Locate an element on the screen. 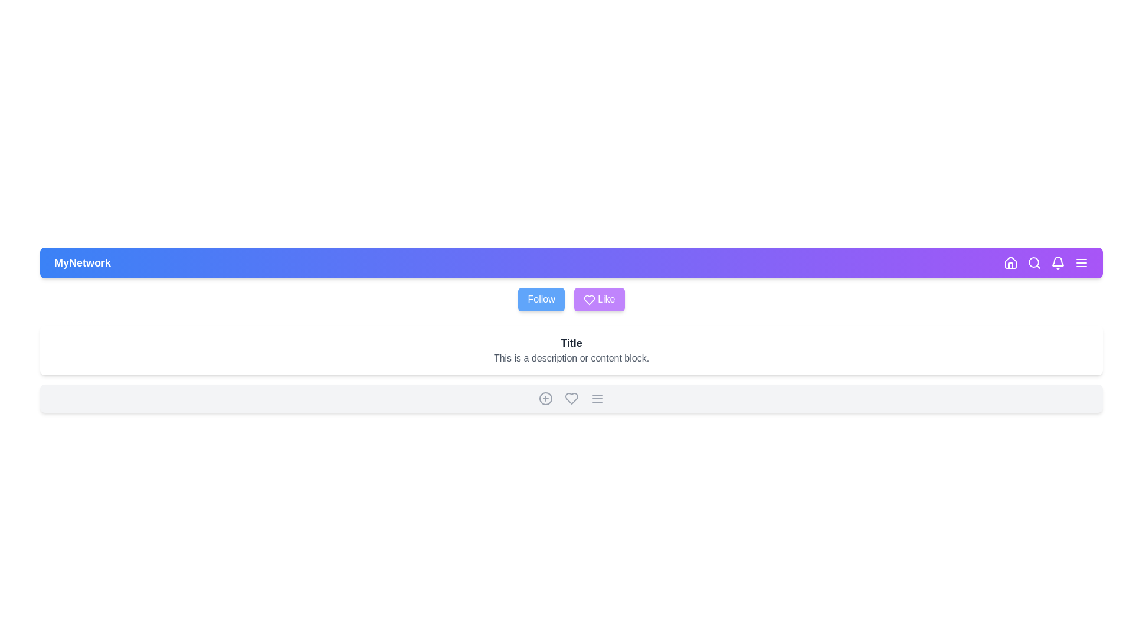  the SVG Circle located at the leftmost position of the lower navigation bar, which serves as a design element or interactive point is located at coordinates (545, 398).